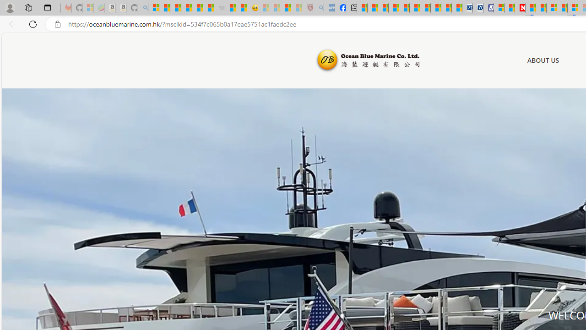 The image size is (586, 330). What do you see at coordinates (543, 60) in the screenshot?
I see `'ABOUT US'` at bounding box center [543, 60].